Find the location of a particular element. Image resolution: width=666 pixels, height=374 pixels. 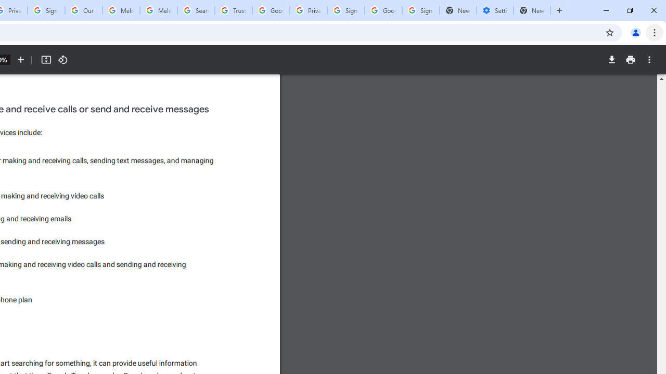

'Zoom in' is located at coordinates (20, 60).